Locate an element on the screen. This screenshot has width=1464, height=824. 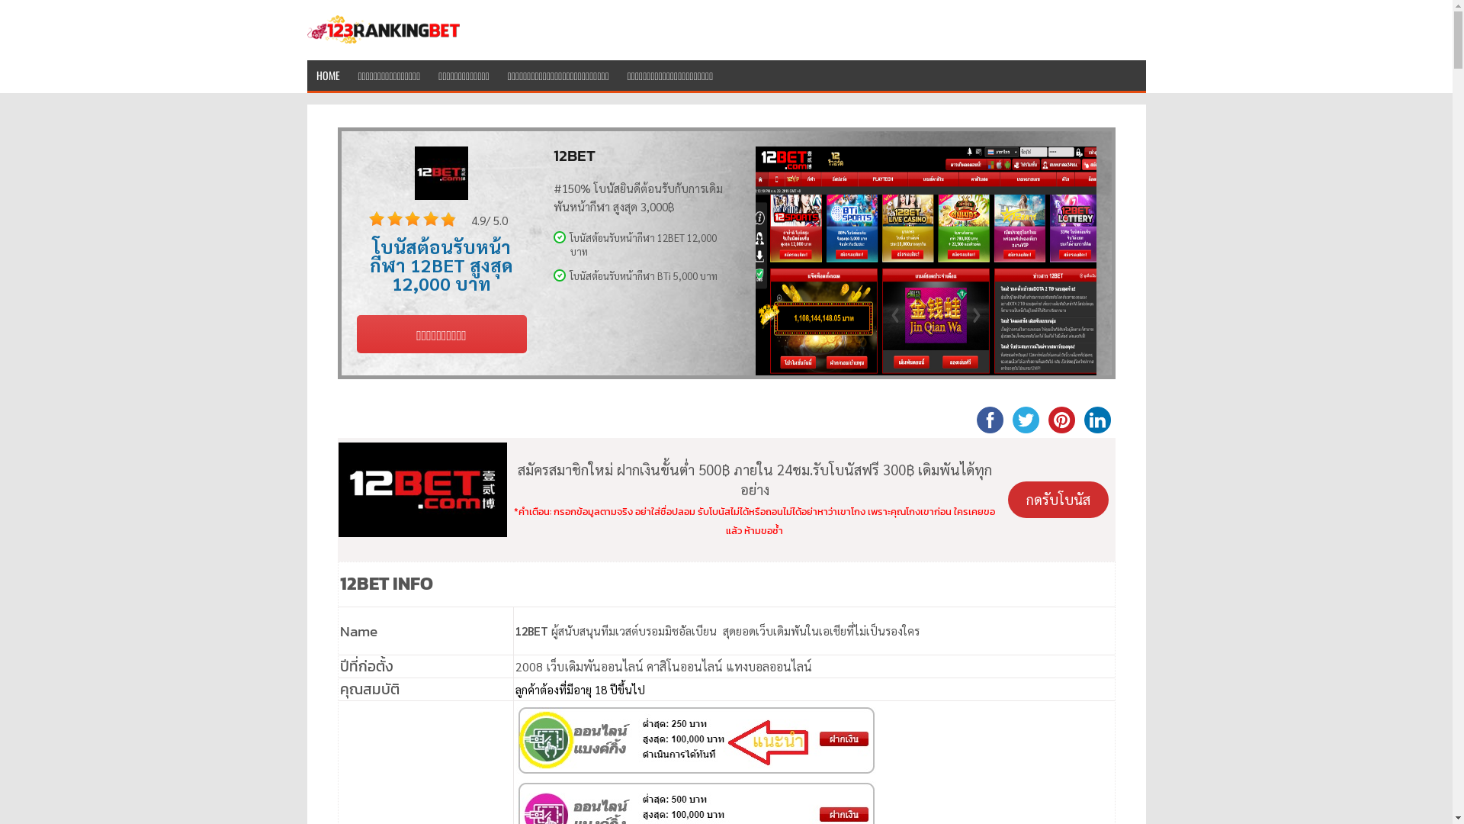
'Pinterest' is located at coordinates (1060, 419).